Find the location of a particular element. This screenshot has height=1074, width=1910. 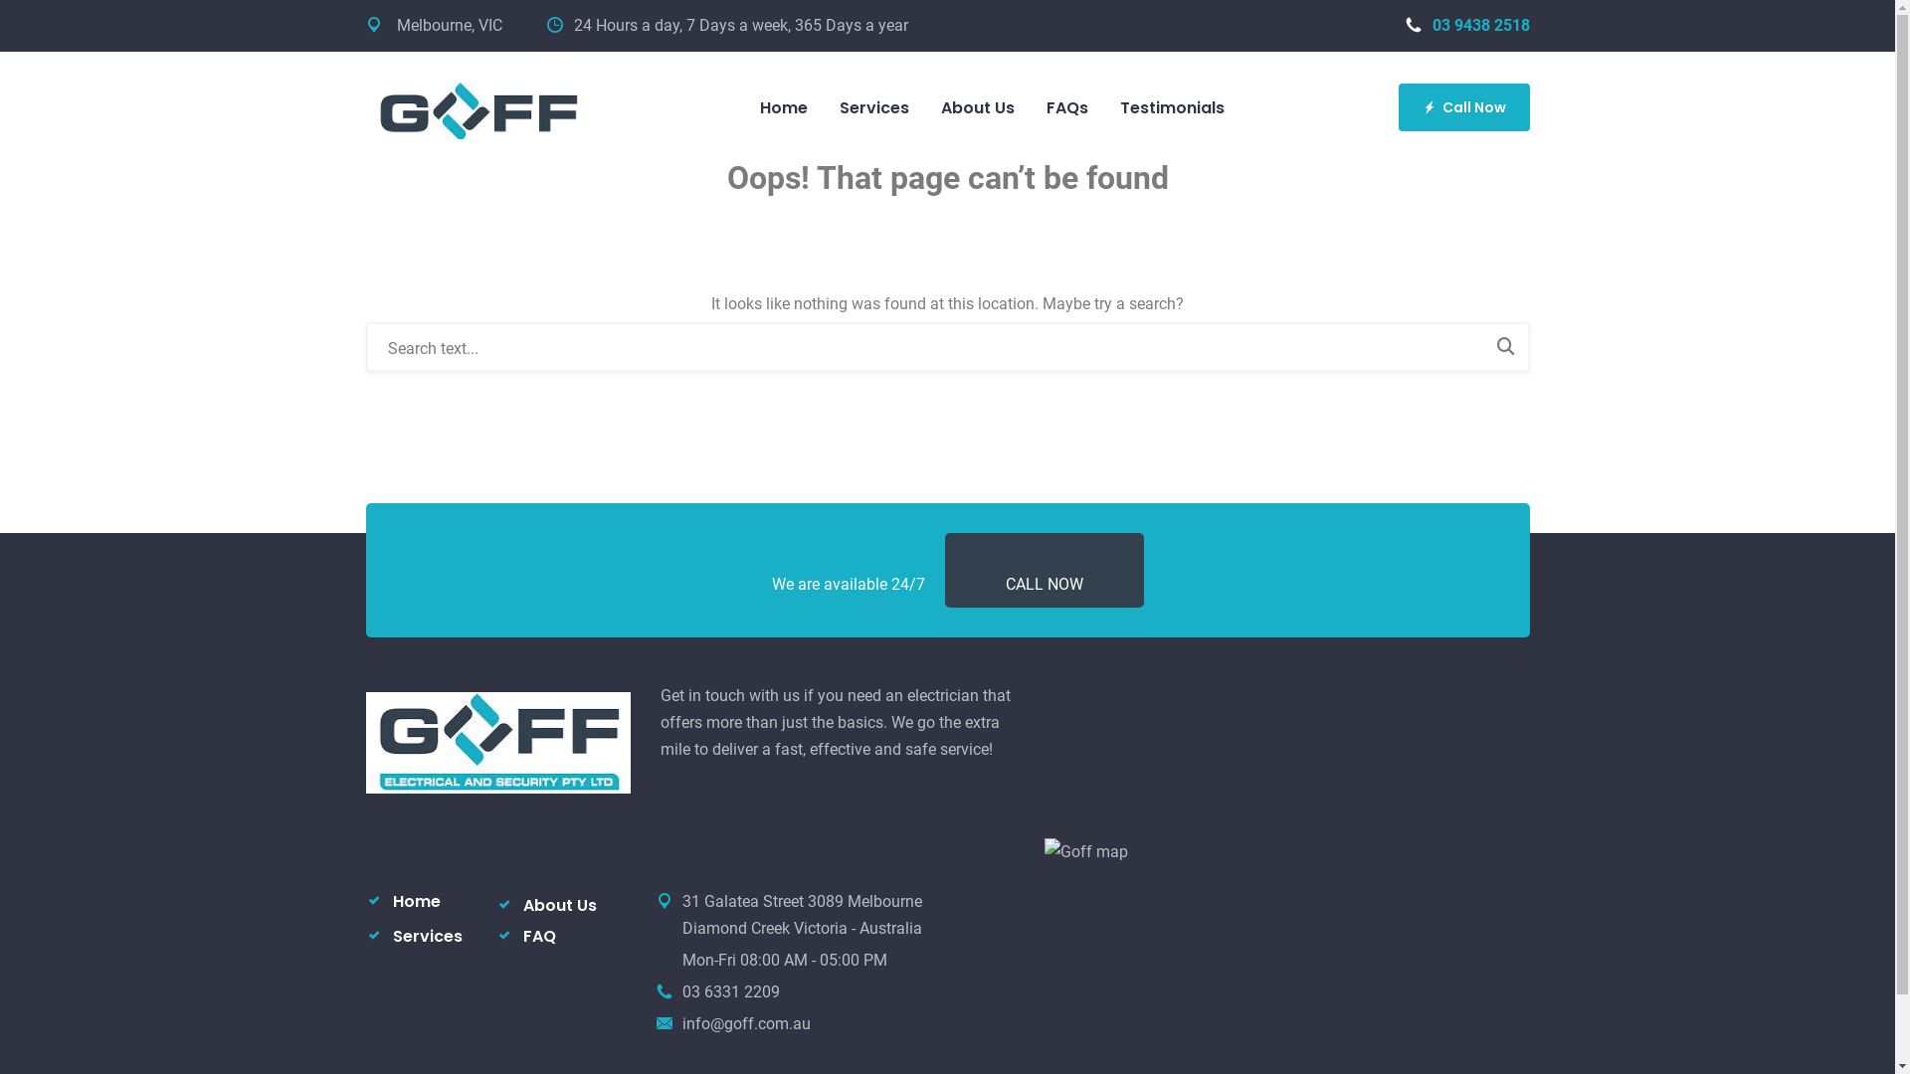

'About Us' is located at coordinates (924, 107).